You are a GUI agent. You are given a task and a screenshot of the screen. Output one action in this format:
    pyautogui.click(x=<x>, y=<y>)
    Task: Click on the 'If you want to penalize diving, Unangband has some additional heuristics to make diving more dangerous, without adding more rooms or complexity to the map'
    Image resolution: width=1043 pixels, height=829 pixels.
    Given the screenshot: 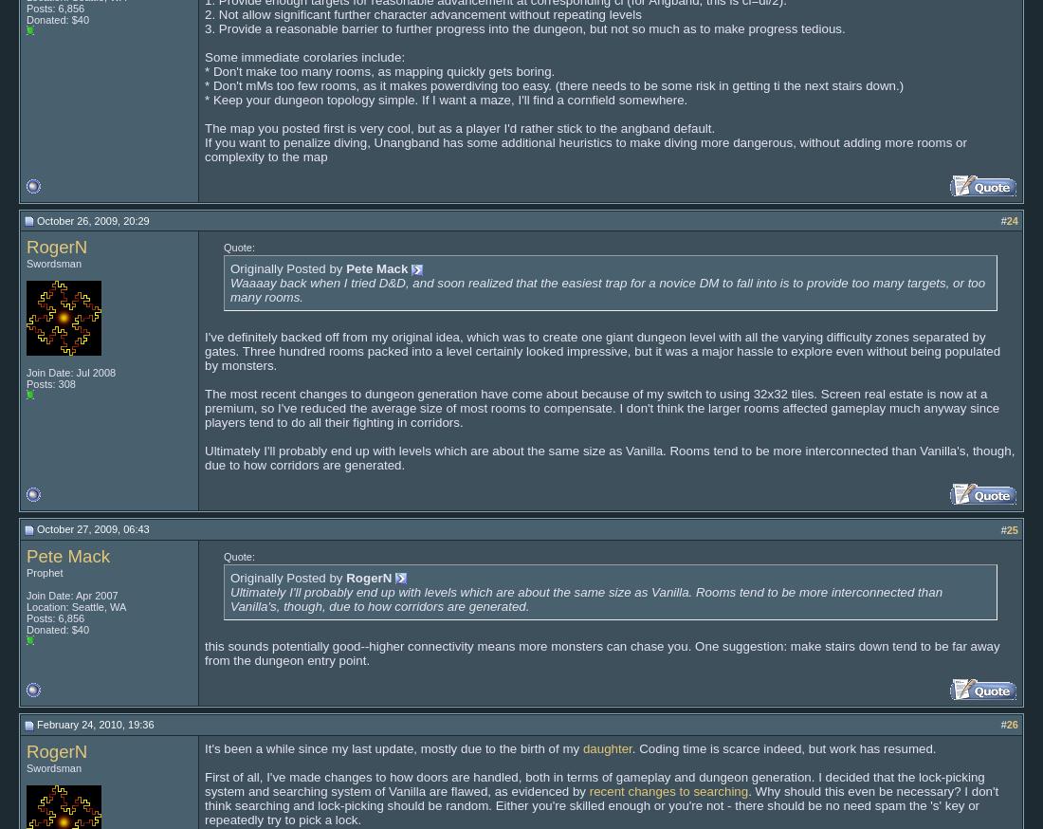 What is the action you would take?
    pyautogui.click(x=584, y=147)
    